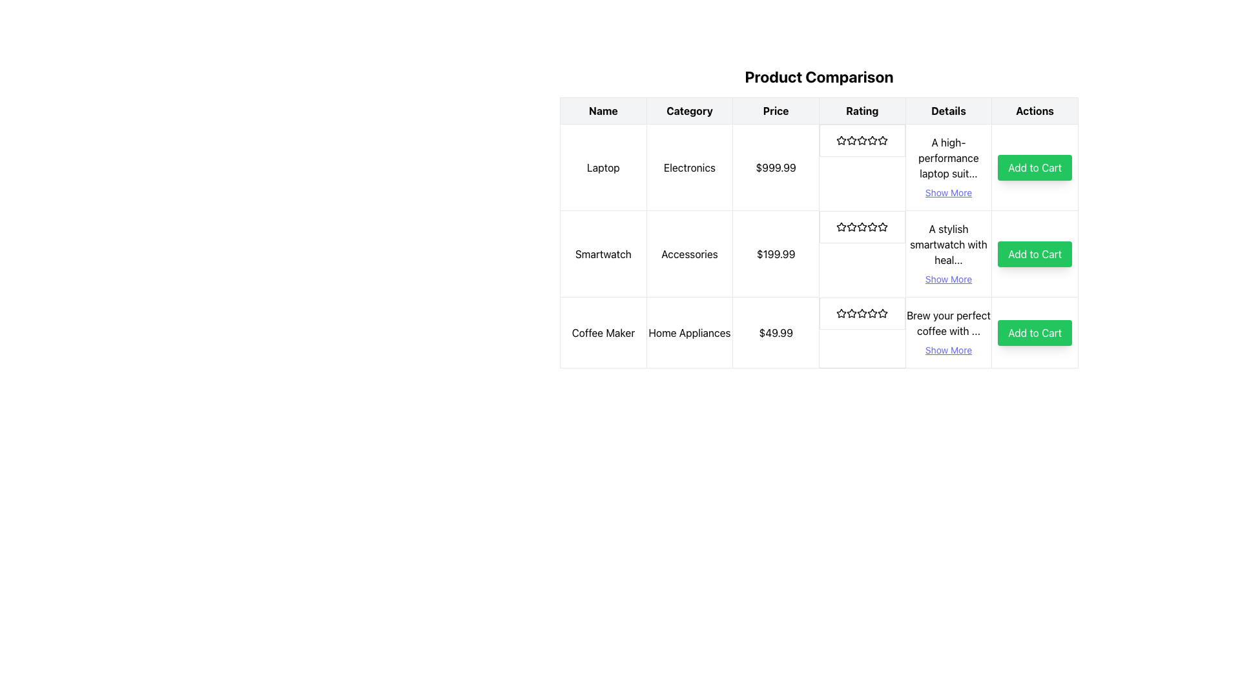 The height and width of the screenshot is (697, 1240). Describe the element at coordinates (948, 332) in the screenshot. I see `the text block displaying the product description with the link labeled 'Show More'` at that location.